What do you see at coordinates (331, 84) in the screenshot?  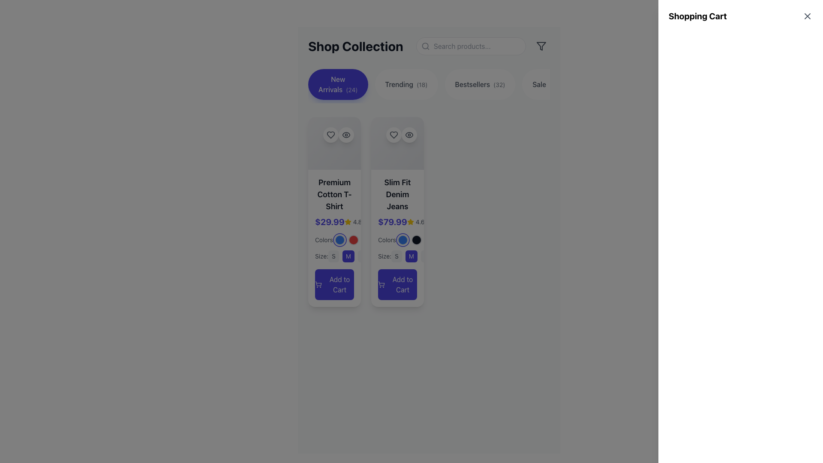 I see `the 'New Arrivals' text label located within the first button of the top row in the horizontal menu` at bounding box center [331, 84].